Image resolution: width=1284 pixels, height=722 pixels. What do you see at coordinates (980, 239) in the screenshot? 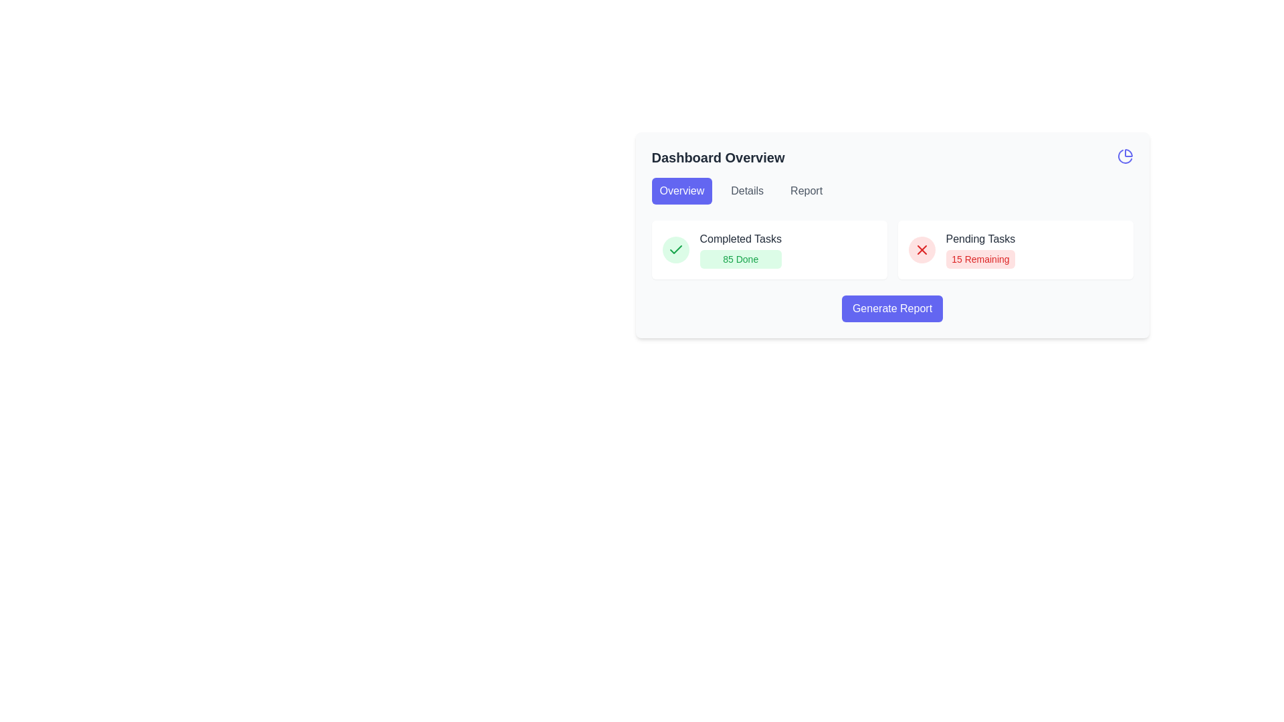
I see `the 'Pending Tasks' text label, which is displayed in dark gray and aligned in a sans-serif typeface, located in the right card of two cards in the middle of the interface` at bounding box center [980, 239].